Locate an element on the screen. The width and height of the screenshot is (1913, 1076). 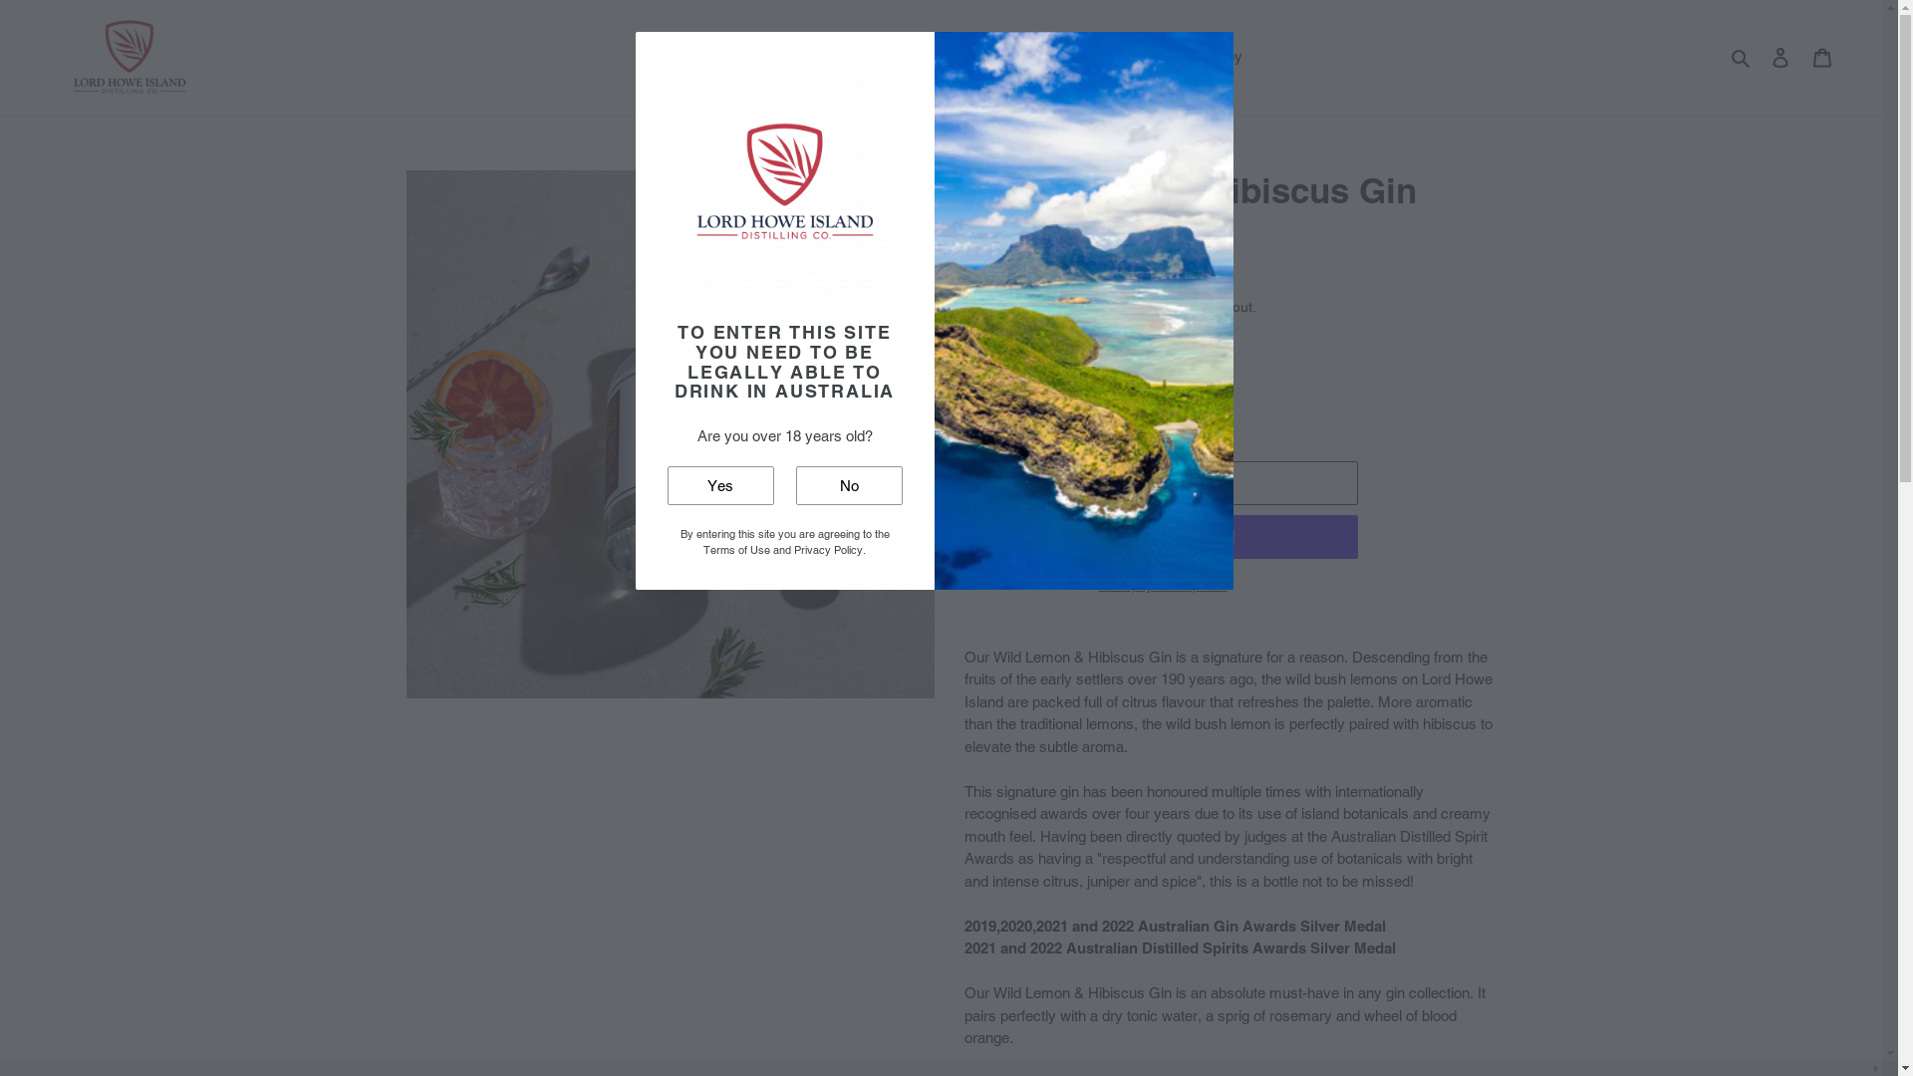
'Search' is located at coordinates (1741, 56).